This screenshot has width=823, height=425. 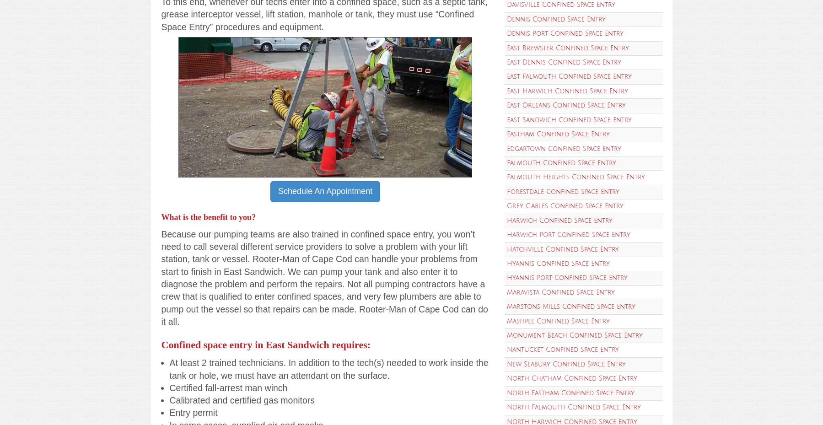 What do you see at coordinates (563, 62) in the screenshot?
I see `'East Dennis Confined Space Entry'` at bounding box center [563, 62].